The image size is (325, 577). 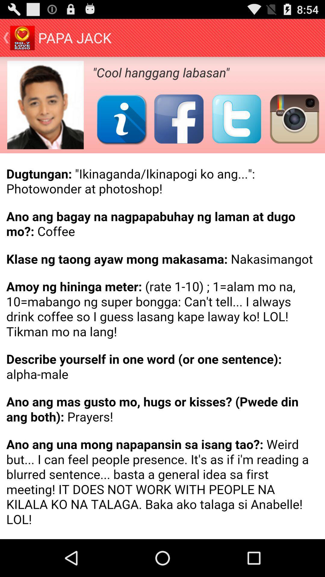 I want to click on connect to facebook, so click(x=178, y=119).